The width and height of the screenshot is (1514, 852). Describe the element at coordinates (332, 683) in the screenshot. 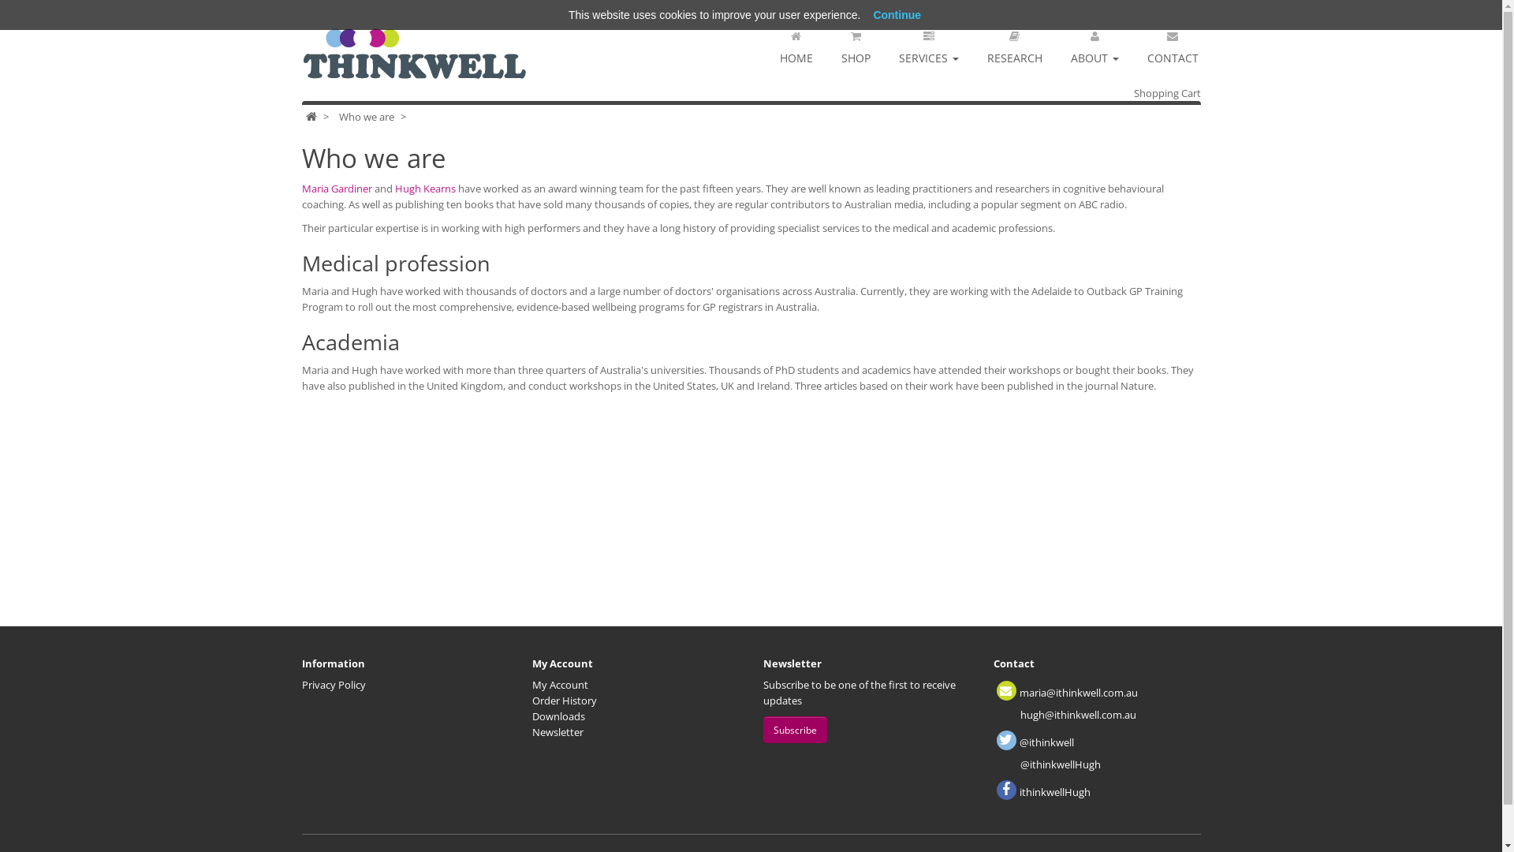

I see `'Privacy Policy'` at that location.